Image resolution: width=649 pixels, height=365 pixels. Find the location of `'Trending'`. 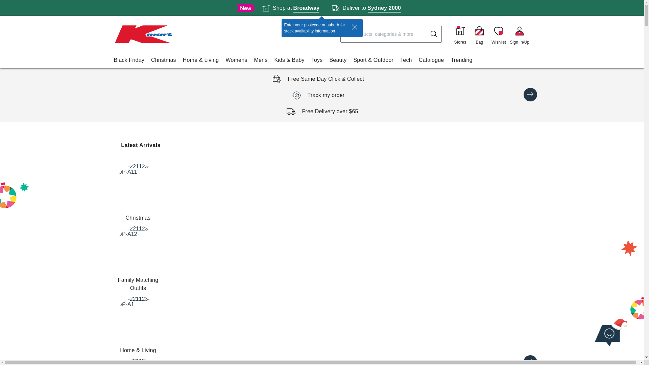

'Trending' is located at coordinates (461, 59).